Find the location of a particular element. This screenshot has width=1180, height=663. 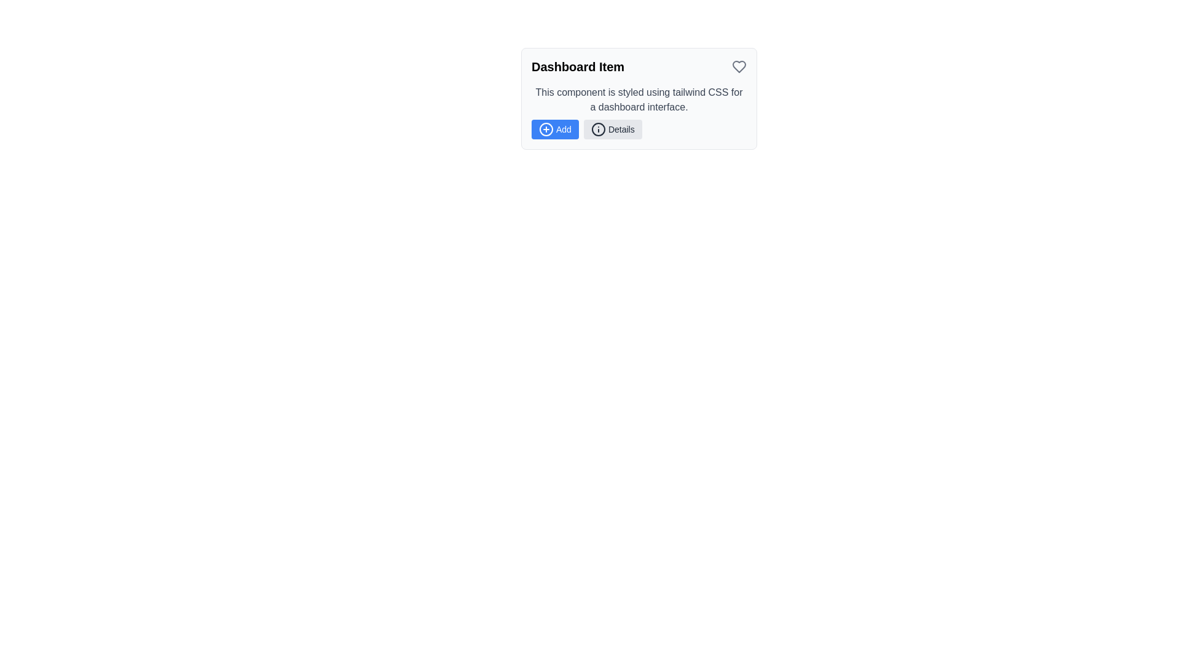

the static text block that reads 'This component is styled using tailwind CSS for a dashboard interface.' positioned below the 'Dashboard Item' title and above the 'Add' and 'Details' buttons is located at coordinates (639, 99).